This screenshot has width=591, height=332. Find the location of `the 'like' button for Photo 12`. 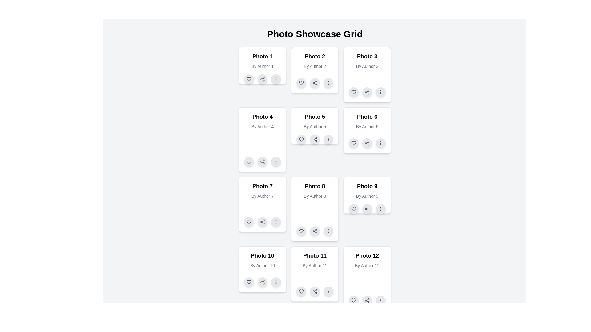

the 'like' button for Photo 12 is located at coordinates (353, 300).